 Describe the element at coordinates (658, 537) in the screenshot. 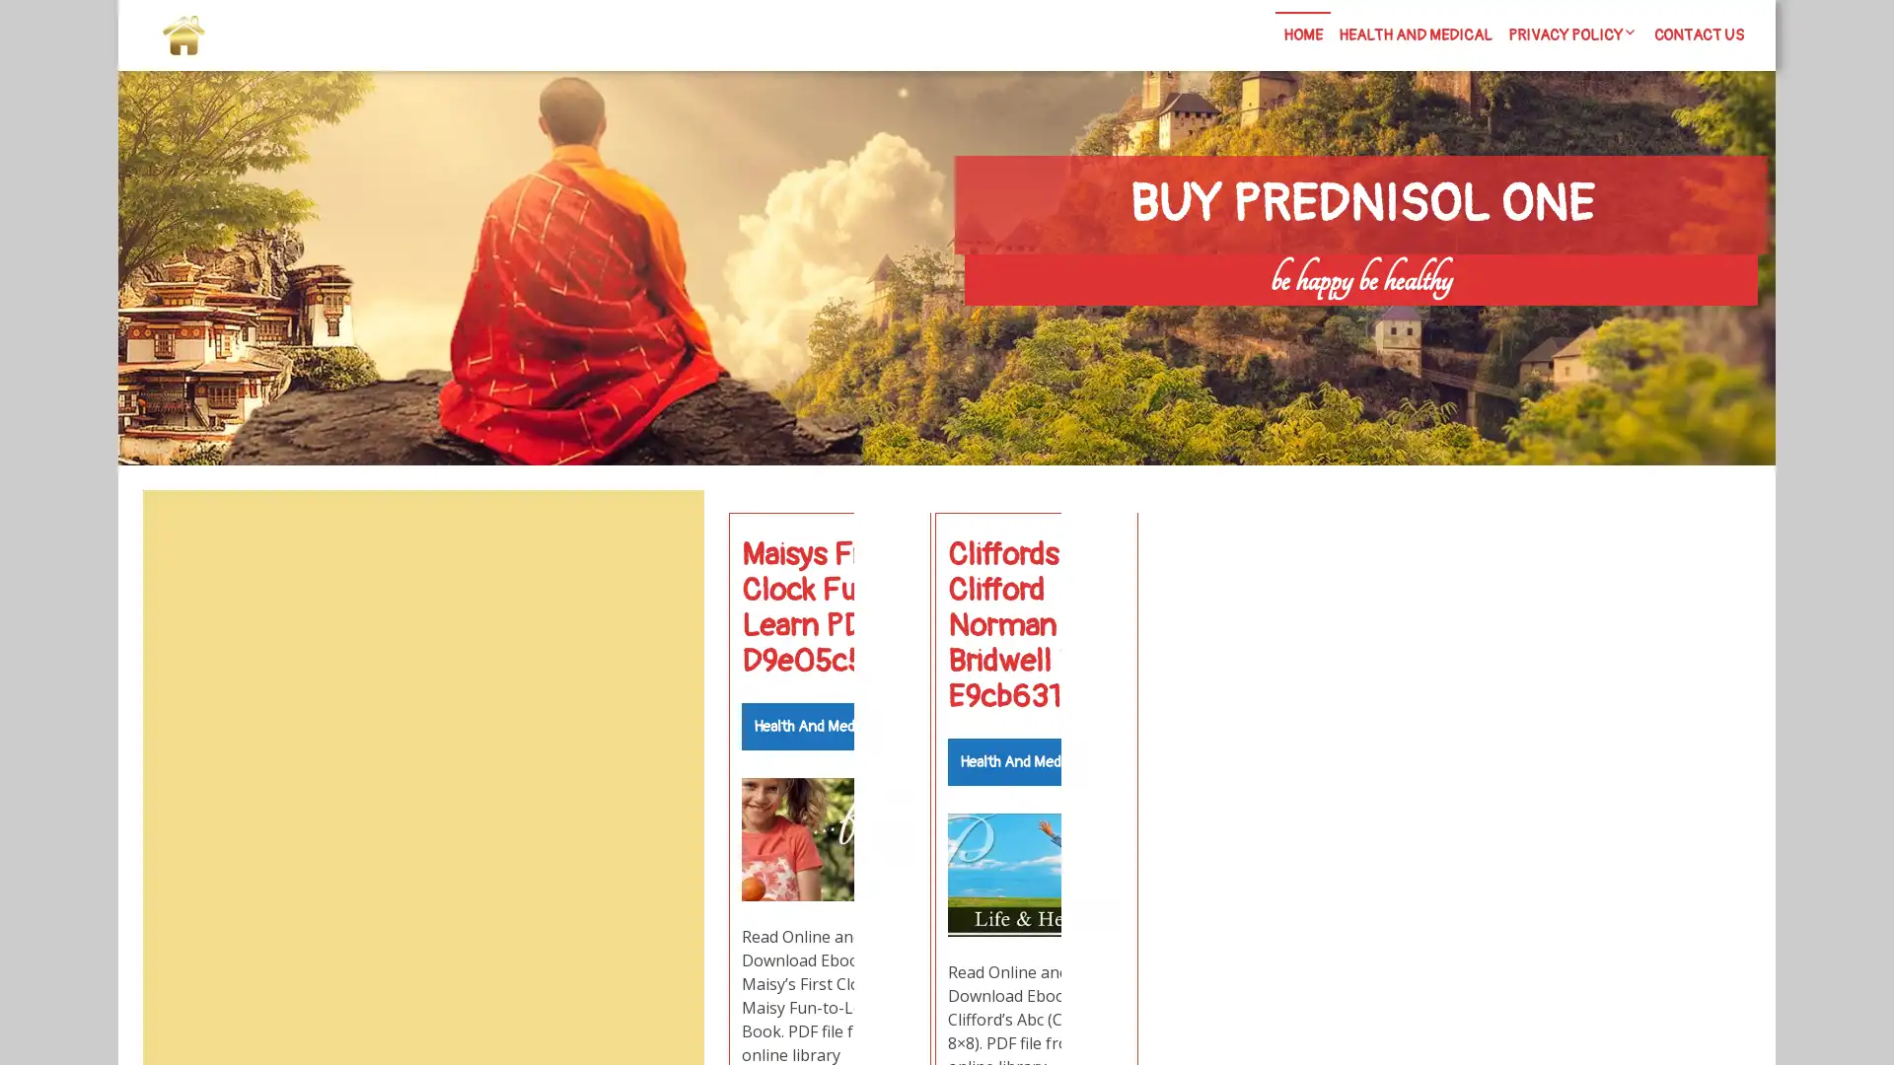

I see `Search` at that location.